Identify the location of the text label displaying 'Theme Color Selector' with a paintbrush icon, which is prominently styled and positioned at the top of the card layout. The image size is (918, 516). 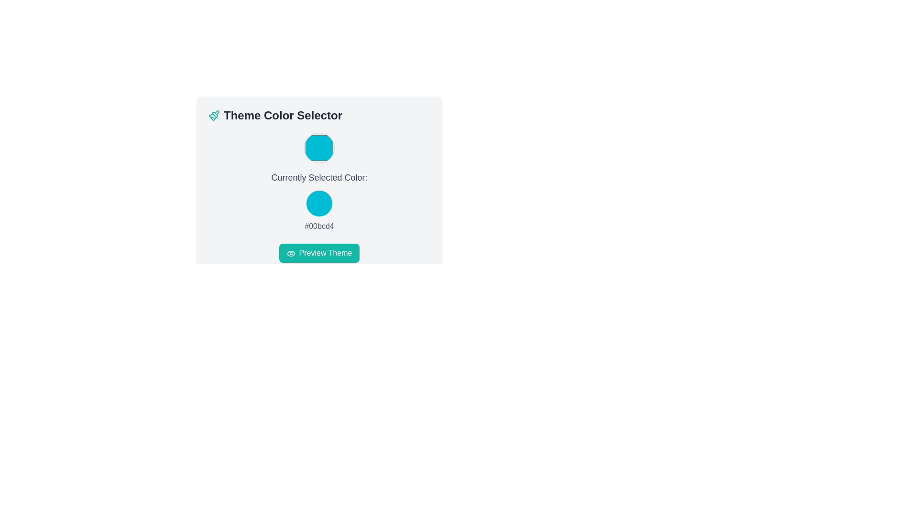
(319, 115).